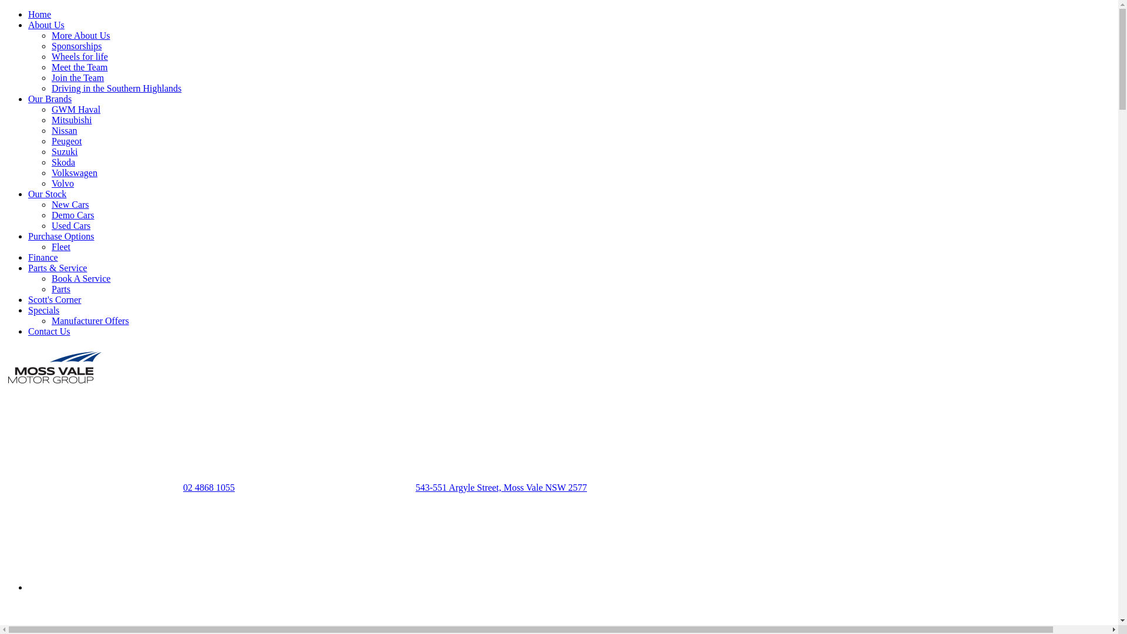 Image resolution: width=1127 pixels, height=634 pixels. What do you see at coordinates (72, 215) in the screenshot?
I see `'Demo Cars'` at bounding box center [72, 215].